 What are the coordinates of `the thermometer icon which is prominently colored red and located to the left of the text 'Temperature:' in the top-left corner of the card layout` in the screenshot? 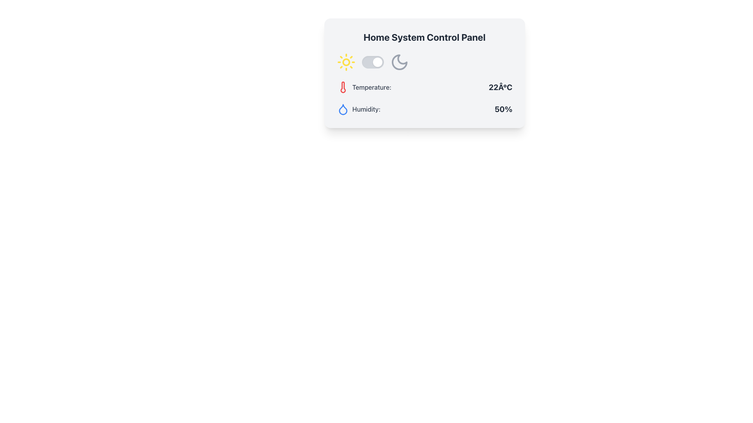 It's located at (343, 87).